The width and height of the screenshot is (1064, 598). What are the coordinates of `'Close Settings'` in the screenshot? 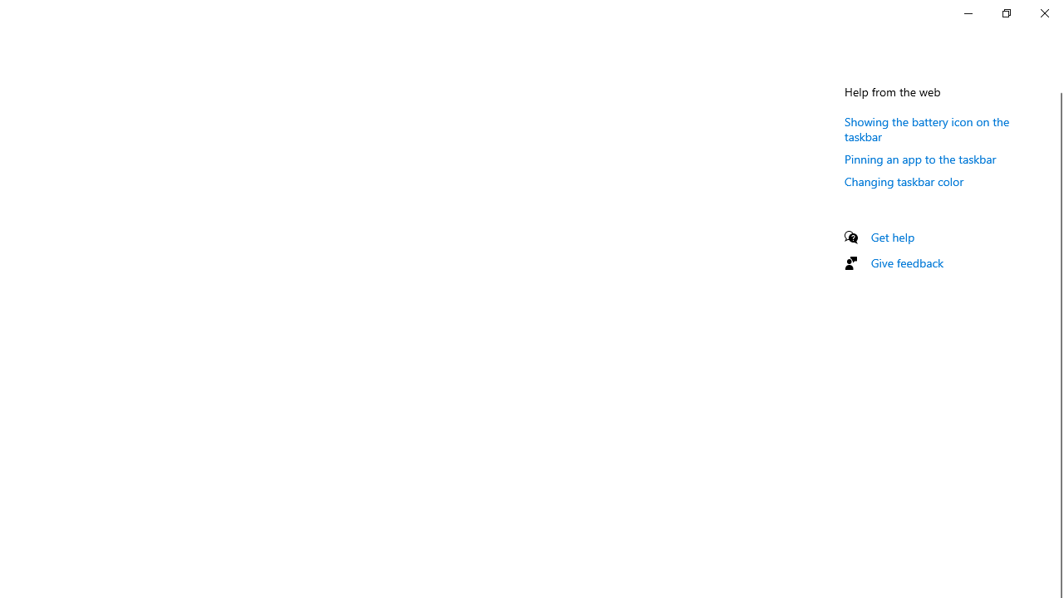 It's located at (1043, 12).